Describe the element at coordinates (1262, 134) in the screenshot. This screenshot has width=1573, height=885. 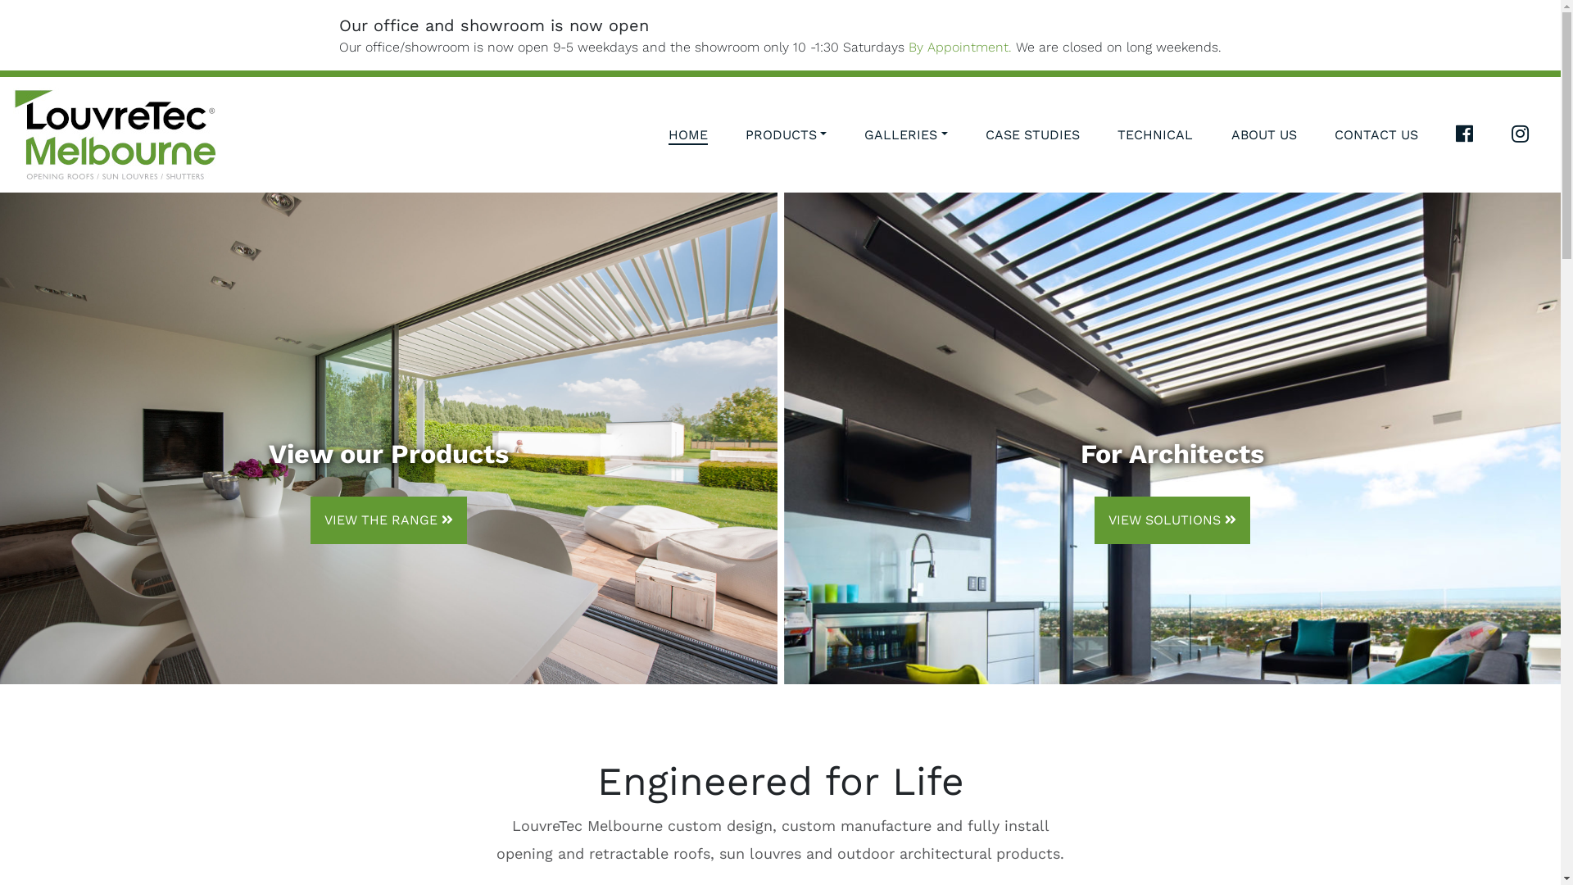
I see `'ABOUT US'` at that location.